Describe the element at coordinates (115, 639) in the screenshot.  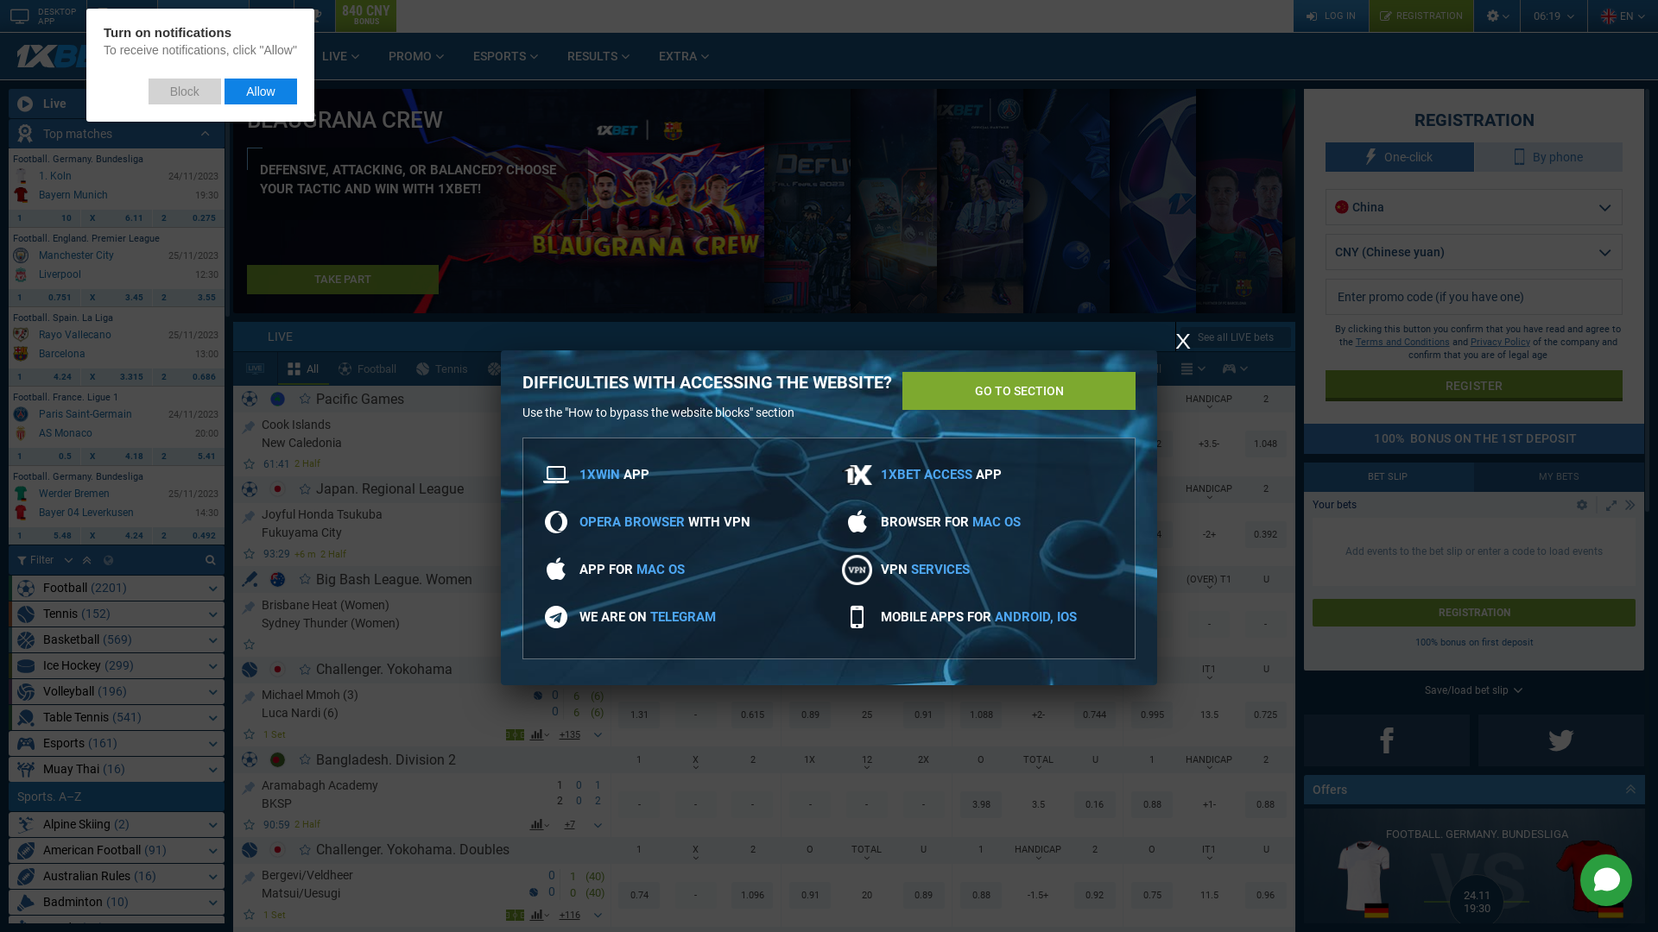
I see `'Basketball` at that location.